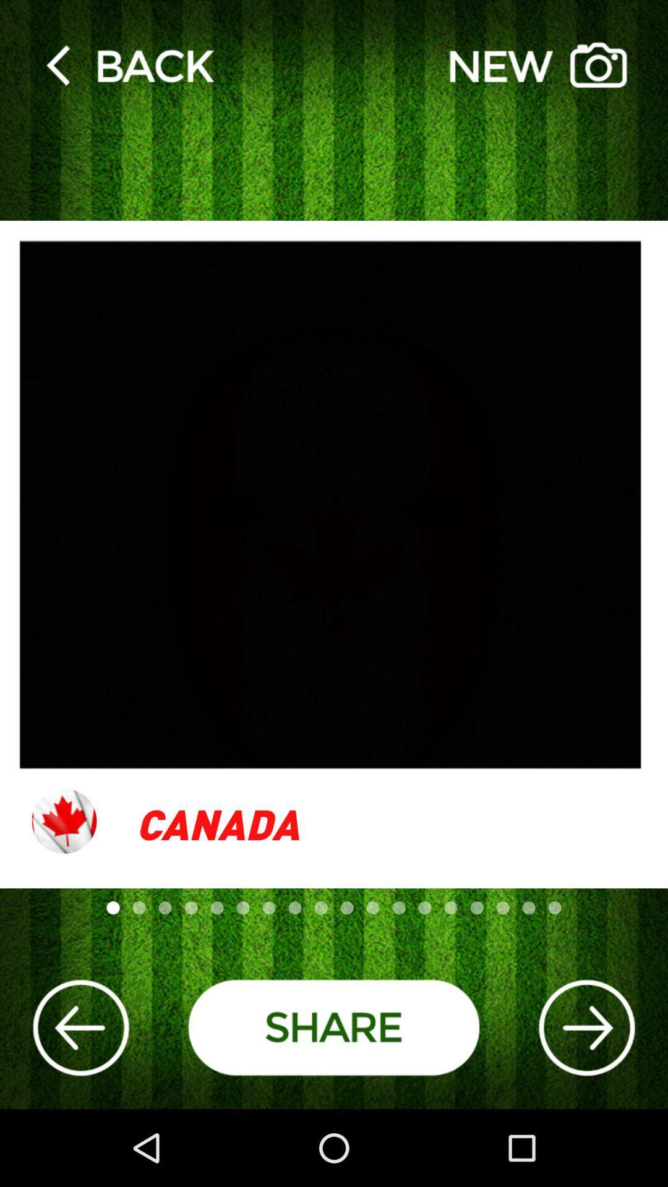  Describe the element at coordinates (129, 64) in the screenshot. I see `item at the top left corner` at that location.